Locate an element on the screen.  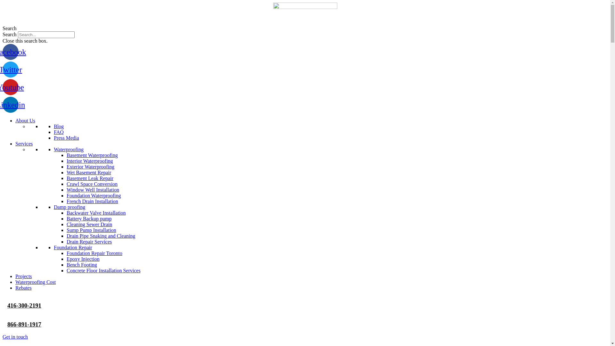
'Press Media' is located at coordinates (66, 137).